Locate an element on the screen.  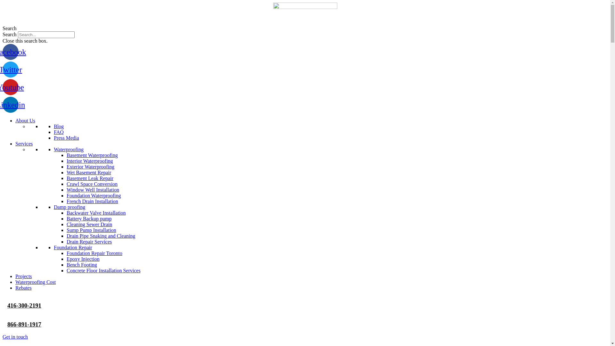
'Press Media' is located at coordinates (66, 137).